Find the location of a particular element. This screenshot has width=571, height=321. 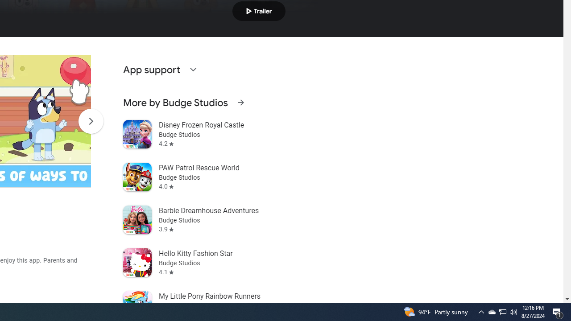

'See more information on More by Budge Studios' is located at coordinates (240, 102).